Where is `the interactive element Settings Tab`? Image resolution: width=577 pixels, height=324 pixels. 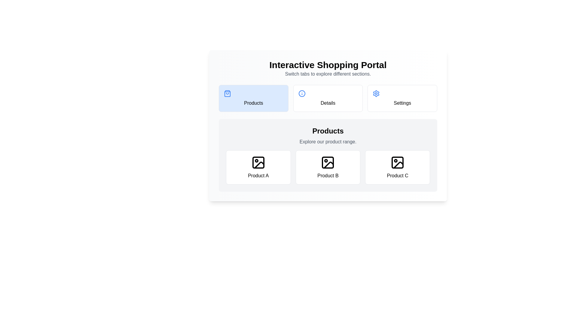
the interactive element Settings Tab is located at coordinates (402, 98).